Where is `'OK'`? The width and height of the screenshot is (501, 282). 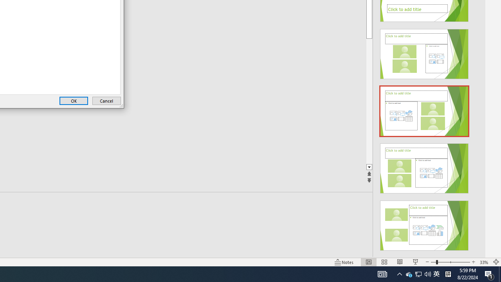
'OK' is located at coordinates (74, 100).